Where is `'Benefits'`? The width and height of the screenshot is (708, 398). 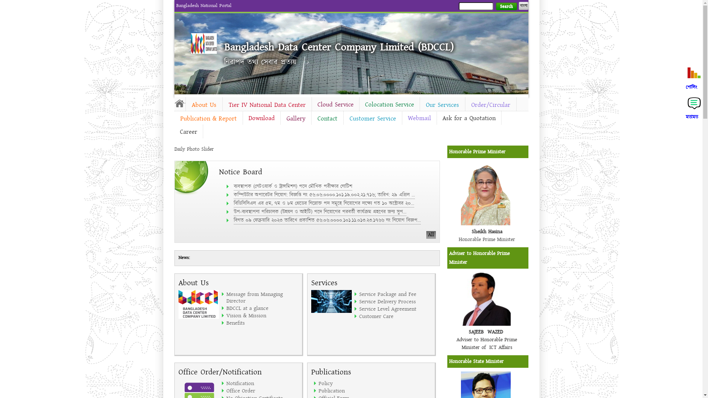
'Benefits' is located at coordinates (262, 322).